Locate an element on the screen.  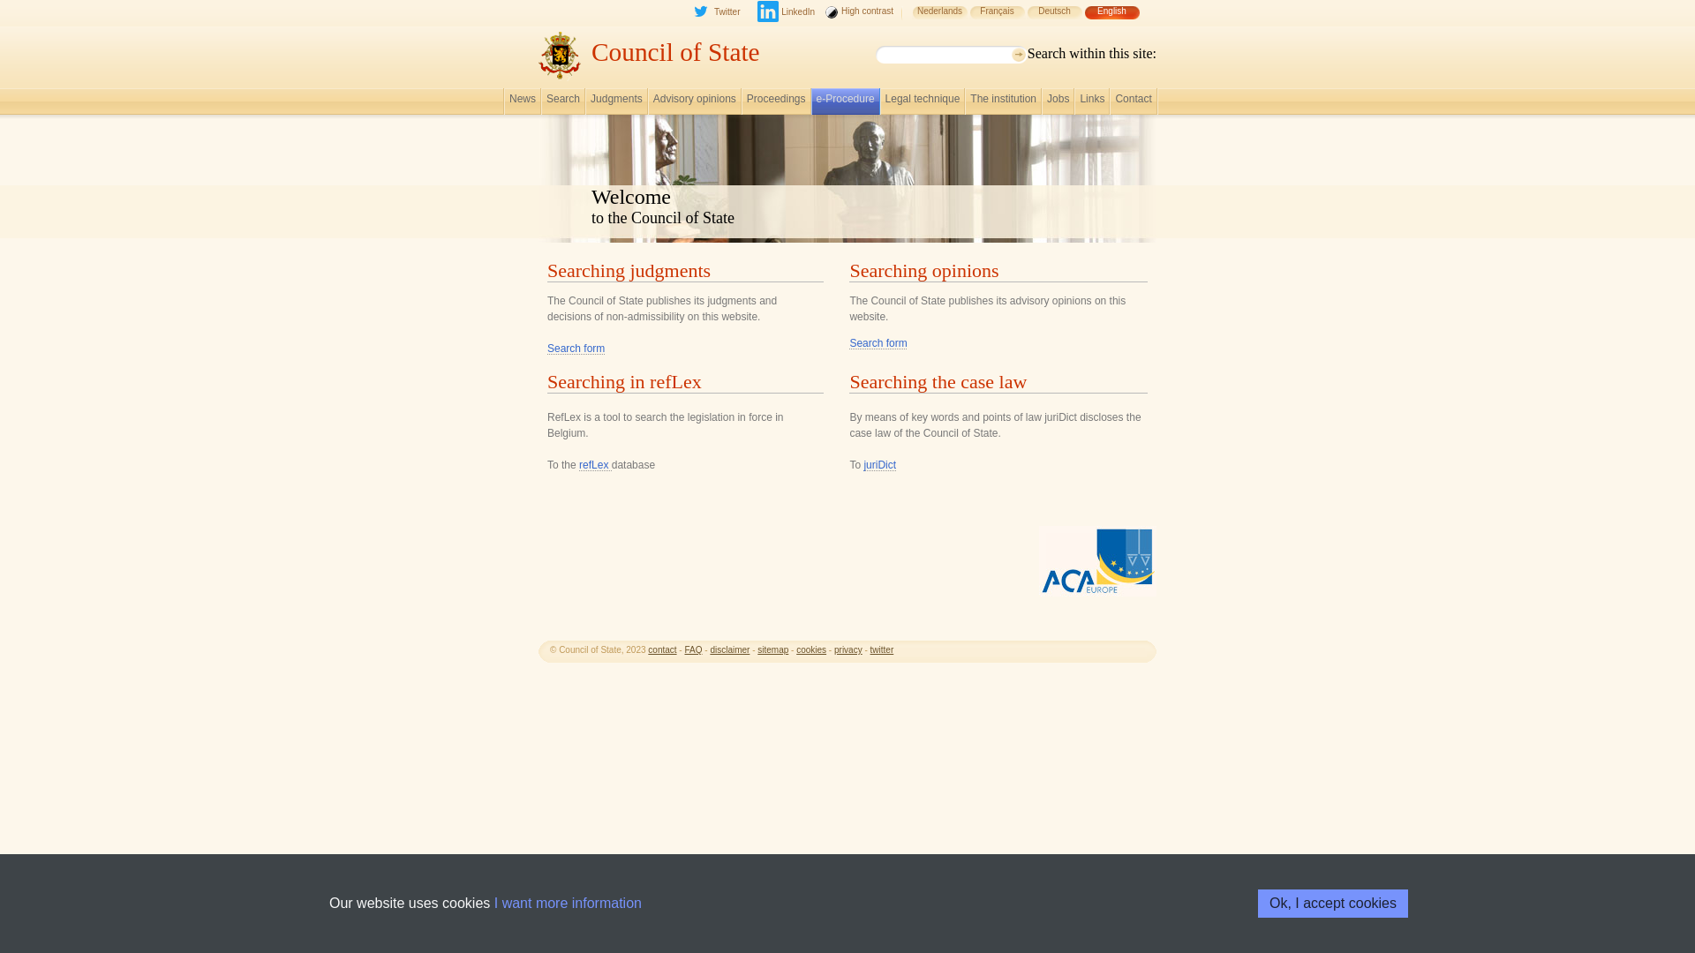
'twitter' is located at coordinates (882, 649).